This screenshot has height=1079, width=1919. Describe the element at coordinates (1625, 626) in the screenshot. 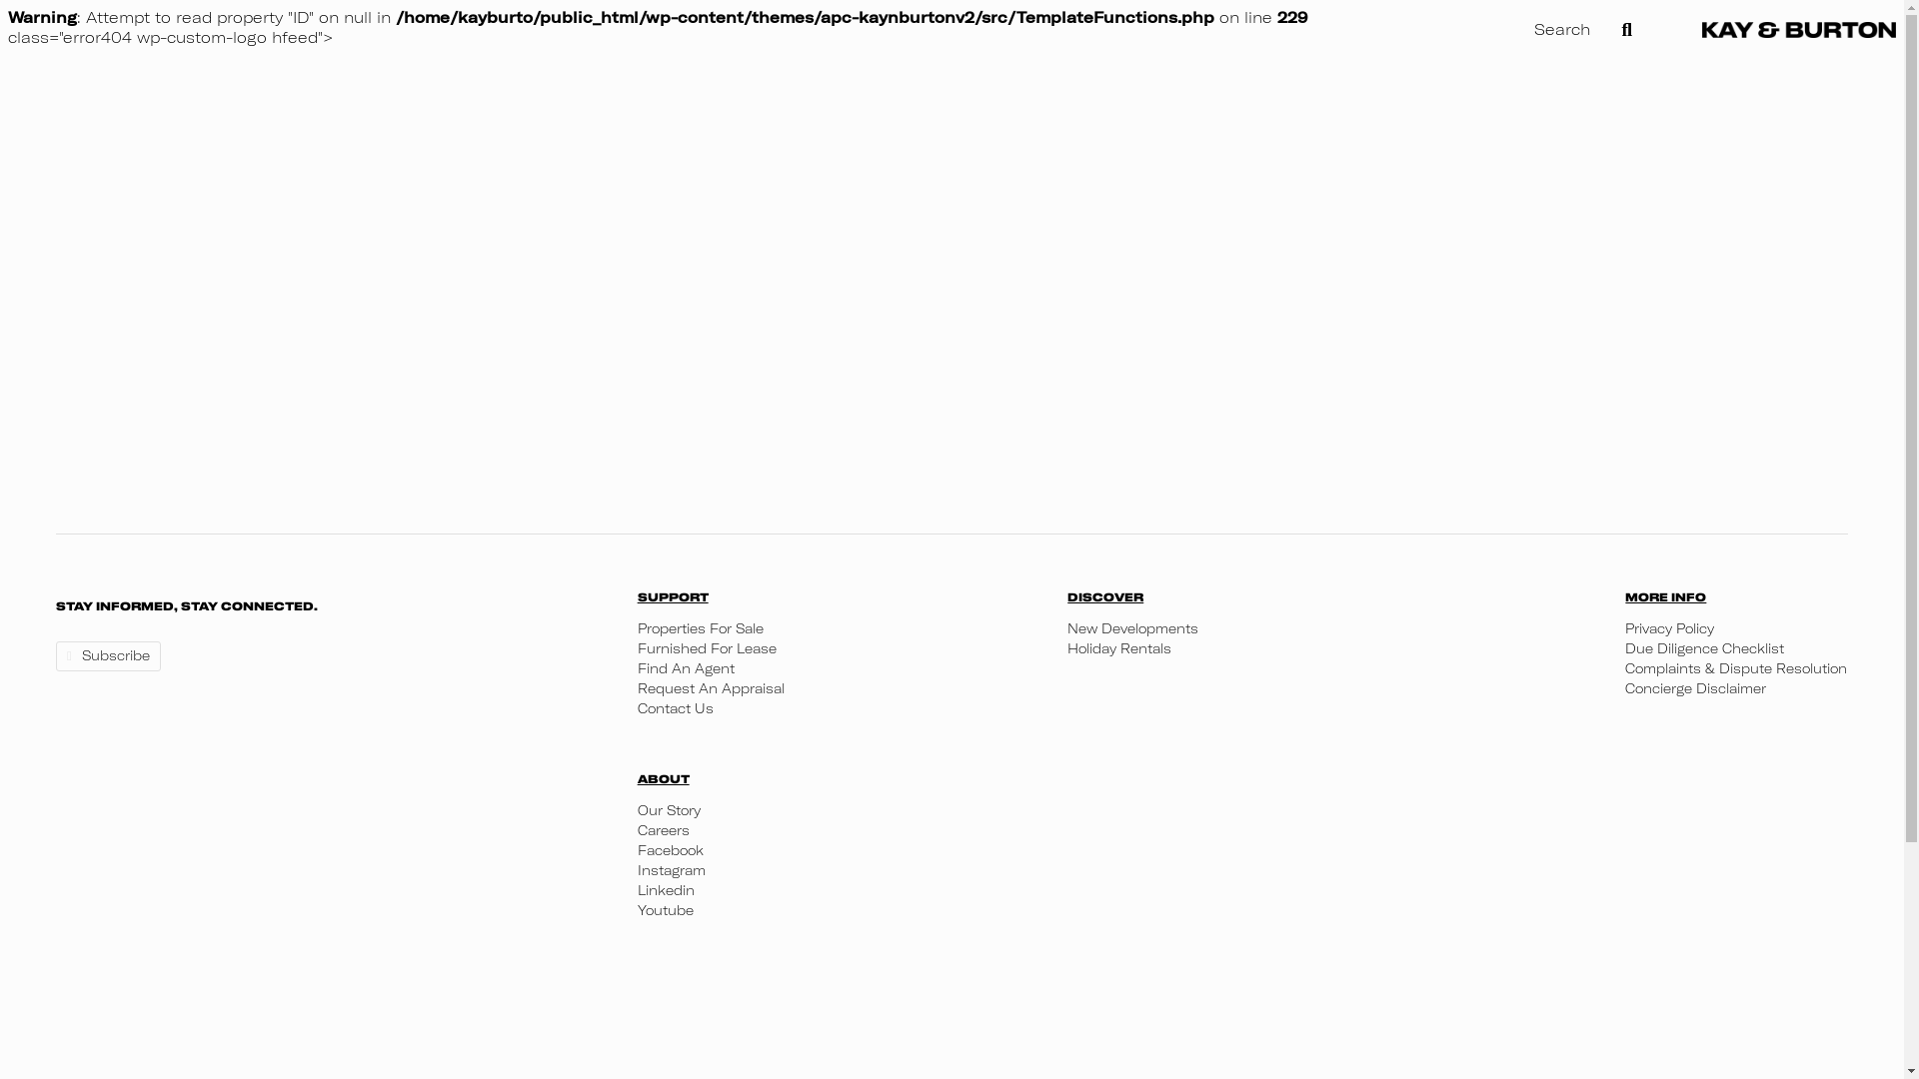

I see `'Privacy Policy'` at that location.